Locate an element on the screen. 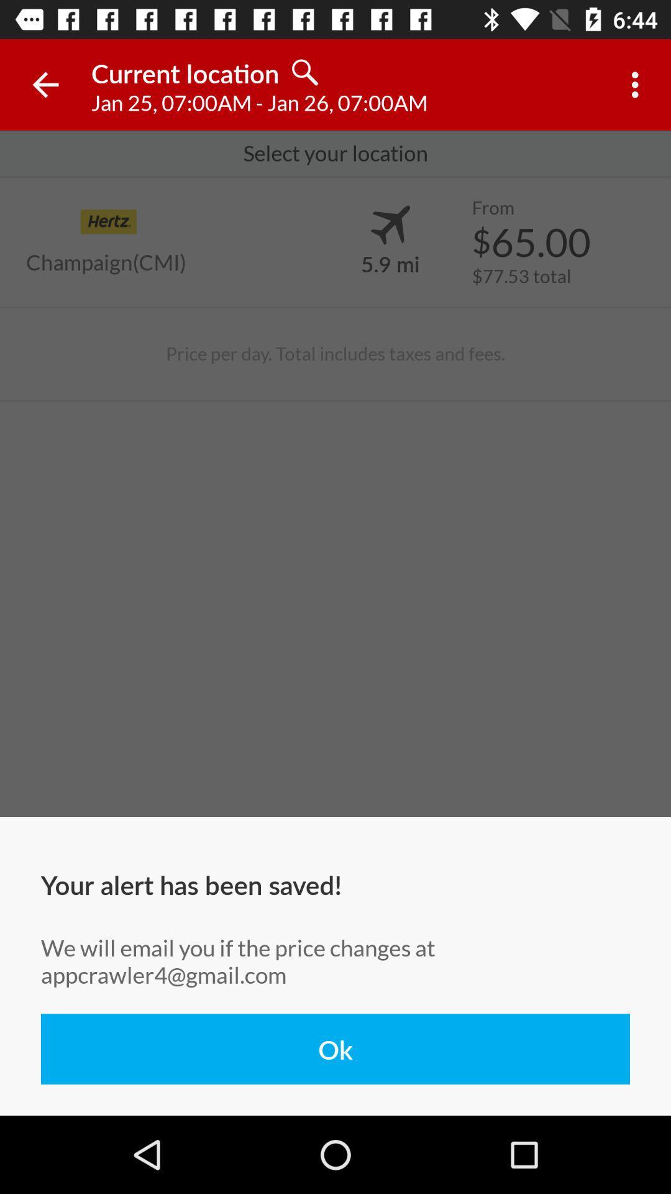  the icon to the left of the $65.00 is located at coordinates (390, 262).